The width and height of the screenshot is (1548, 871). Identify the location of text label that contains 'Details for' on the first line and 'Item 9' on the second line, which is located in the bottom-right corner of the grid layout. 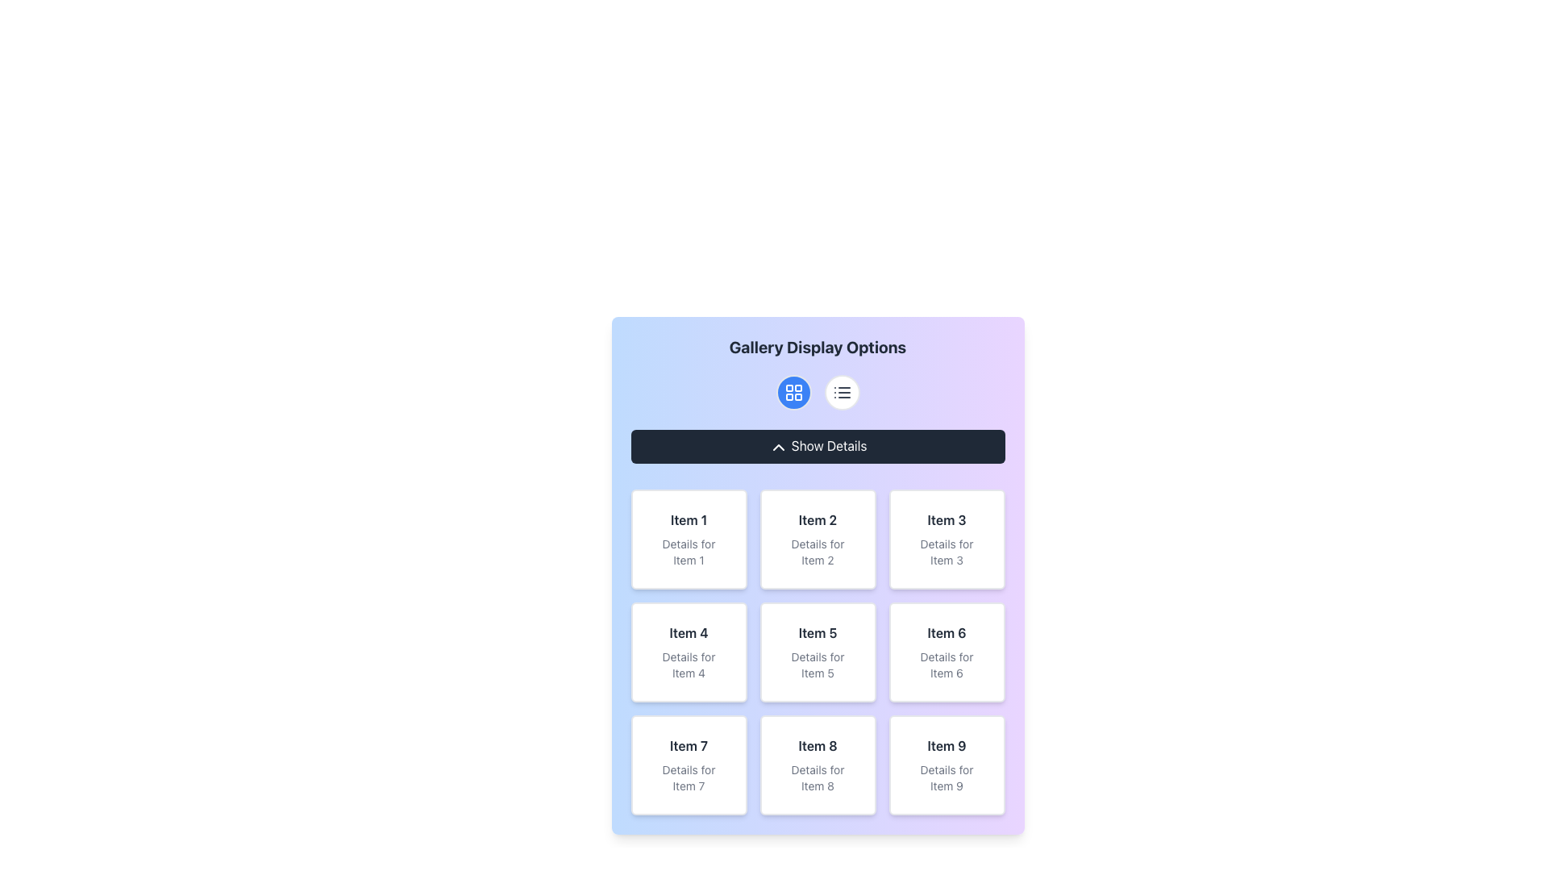
(947, 777).